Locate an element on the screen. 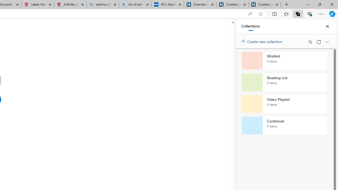 The image size is (338, 190). 'More options menu' is located at coordinates (327, 42).